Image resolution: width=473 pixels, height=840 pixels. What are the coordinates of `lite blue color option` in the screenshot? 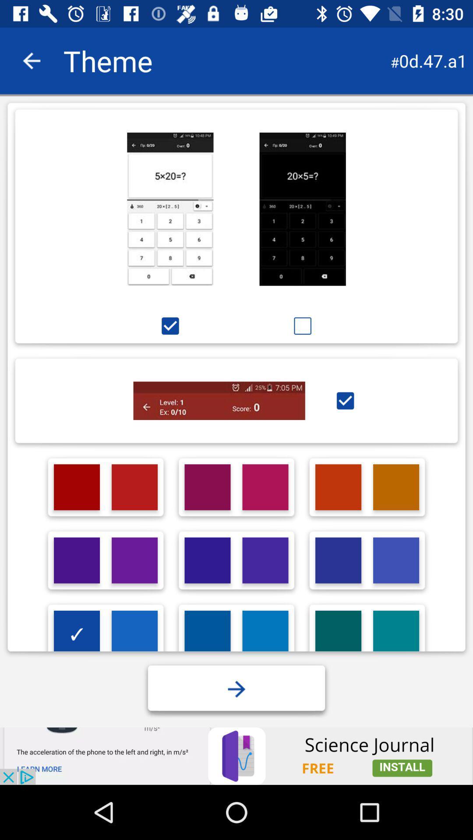 It's located at (265, 633).